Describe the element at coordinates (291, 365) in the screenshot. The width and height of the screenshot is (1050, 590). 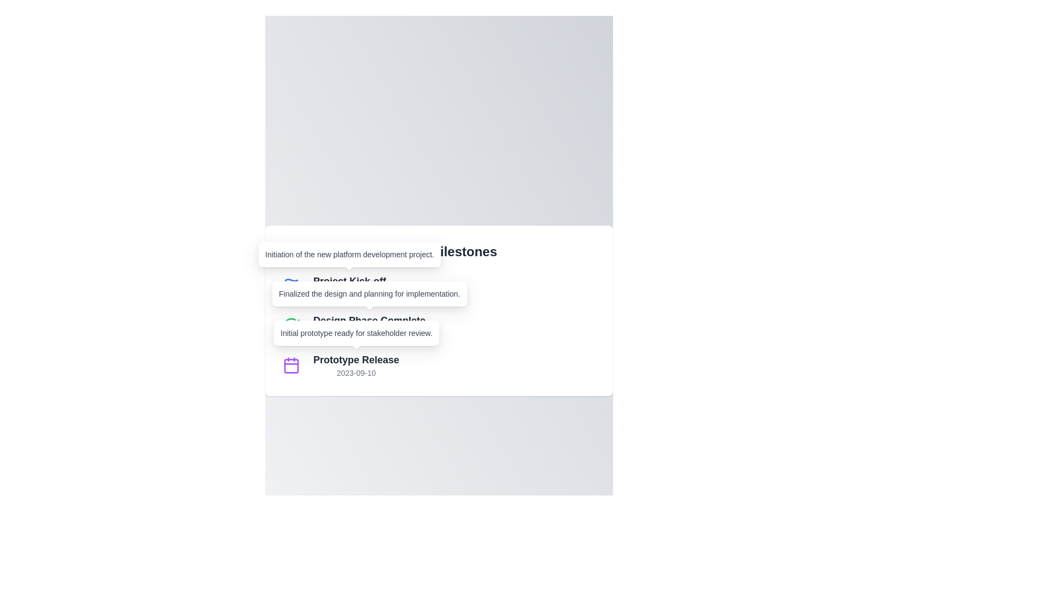
I see `the purple calendar icon located to the left of the 'Prototype Release' text` at that location.